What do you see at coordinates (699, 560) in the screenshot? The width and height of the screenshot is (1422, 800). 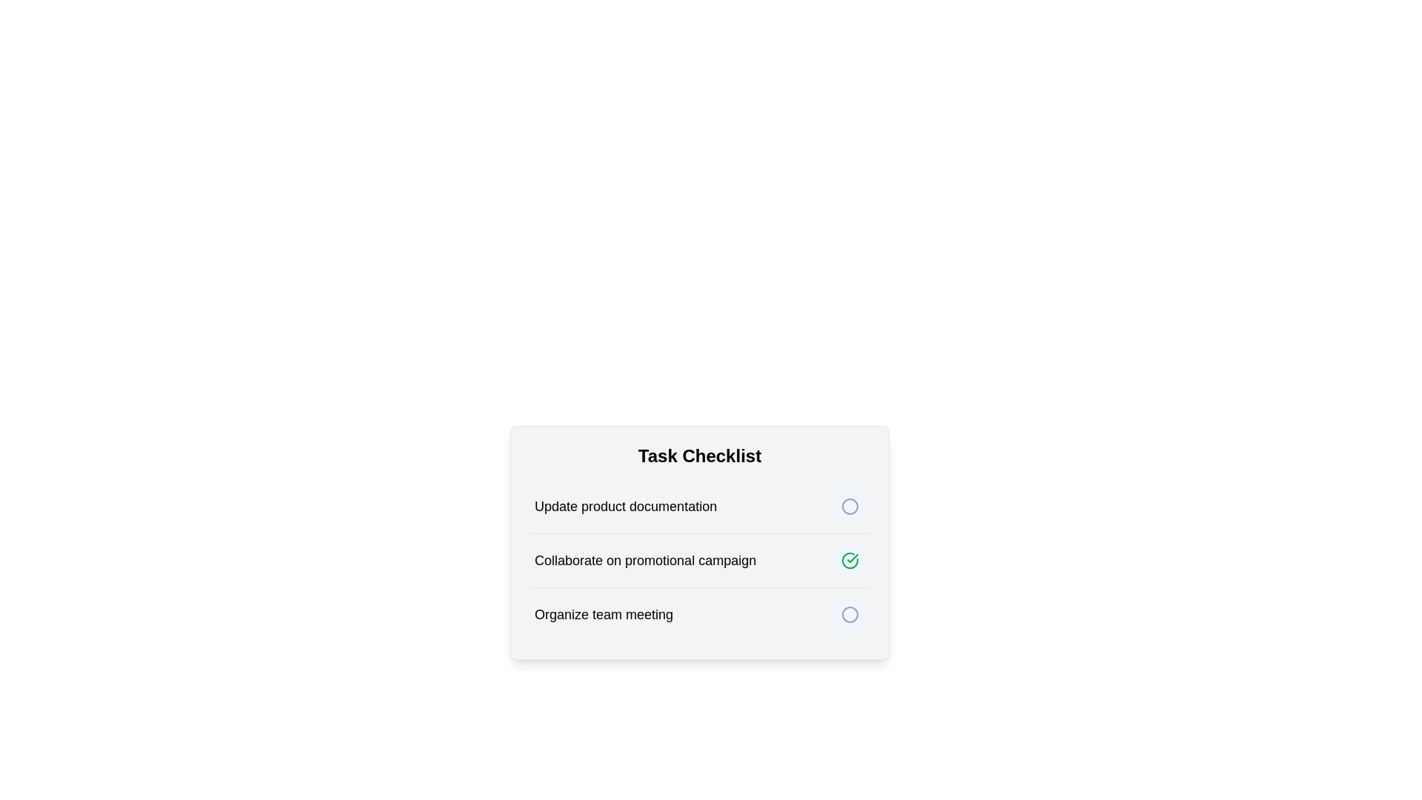 I see `the second list item in the task checklist, which has a green checkmark indicating its completed status` at bounding box center [699, 560].